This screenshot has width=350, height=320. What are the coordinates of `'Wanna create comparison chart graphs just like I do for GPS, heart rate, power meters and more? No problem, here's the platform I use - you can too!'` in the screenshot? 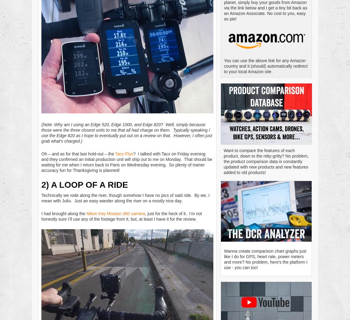 It's located at (265, 259).